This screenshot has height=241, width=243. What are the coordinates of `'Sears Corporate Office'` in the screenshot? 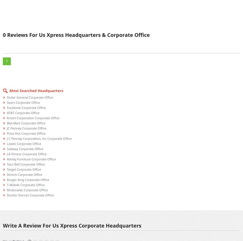 It's located at (23, 102).